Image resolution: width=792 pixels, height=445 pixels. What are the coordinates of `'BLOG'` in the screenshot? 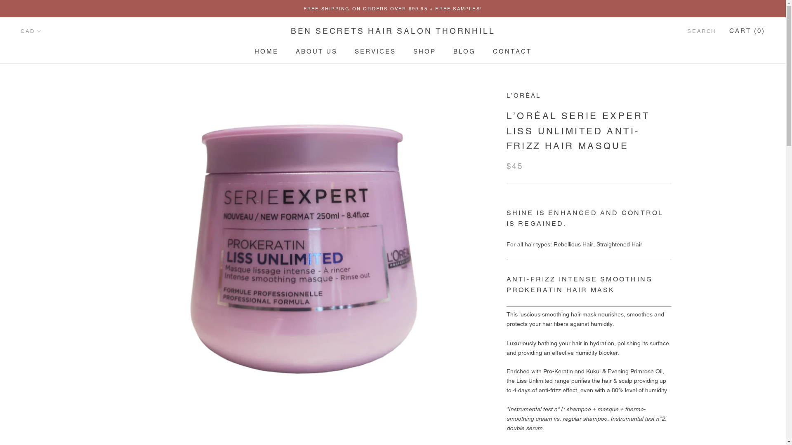 It's located at (453, 51).